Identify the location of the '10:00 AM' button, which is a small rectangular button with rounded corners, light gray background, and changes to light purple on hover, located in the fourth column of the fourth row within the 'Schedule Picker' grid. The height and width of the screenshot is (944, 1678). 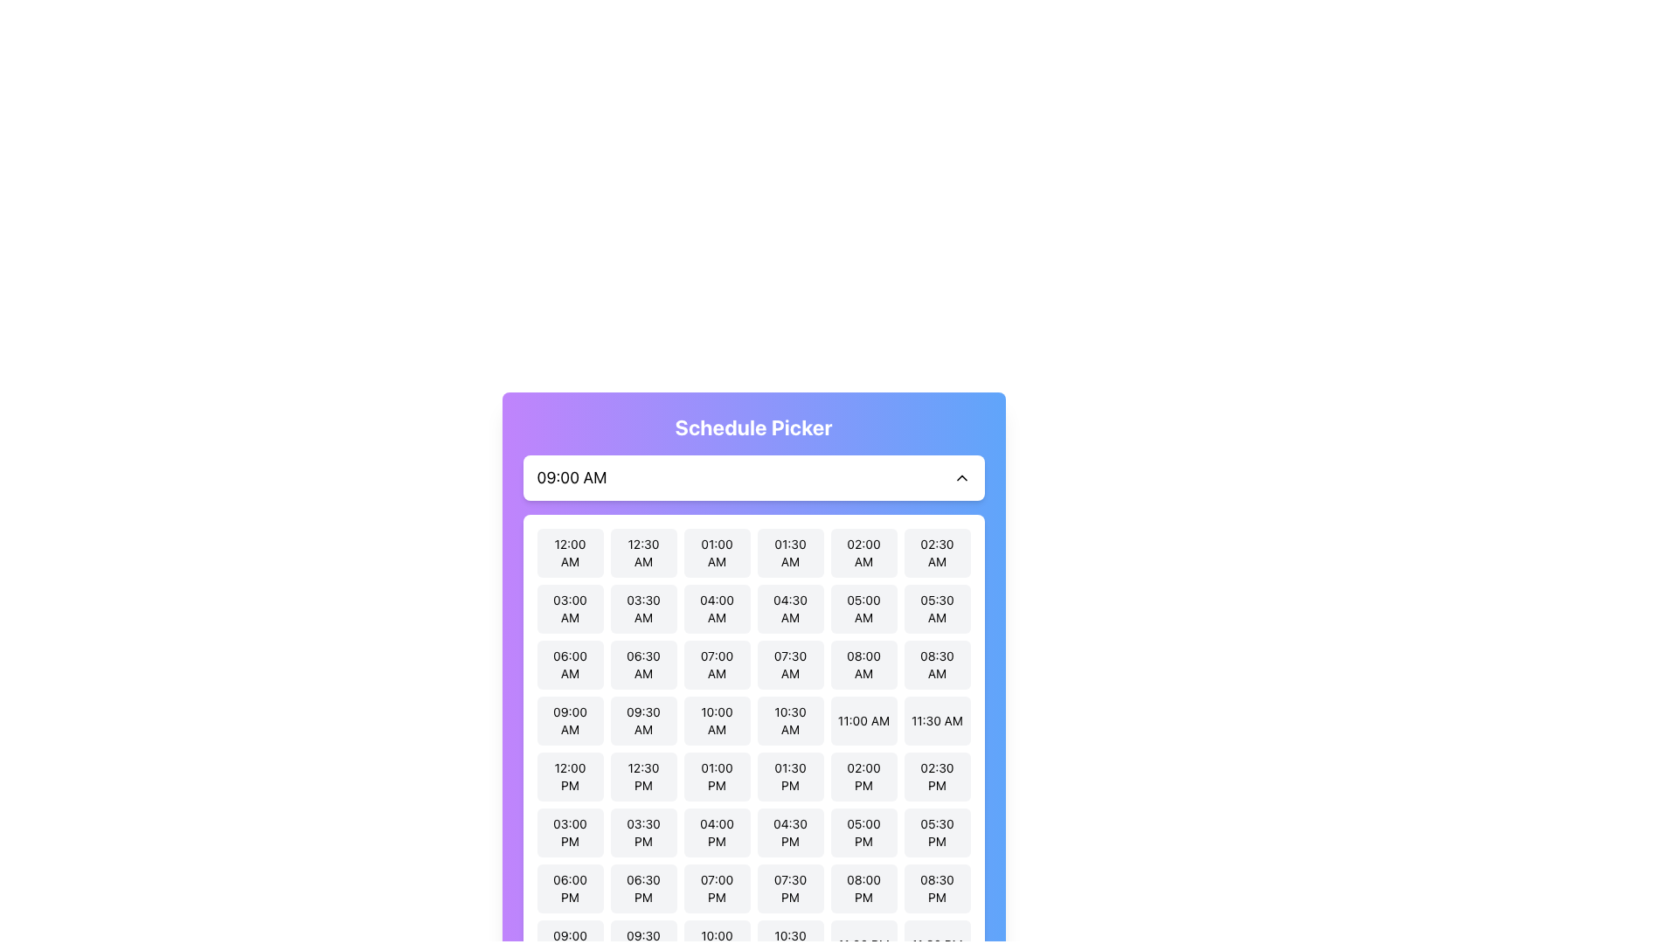
(717, 721).